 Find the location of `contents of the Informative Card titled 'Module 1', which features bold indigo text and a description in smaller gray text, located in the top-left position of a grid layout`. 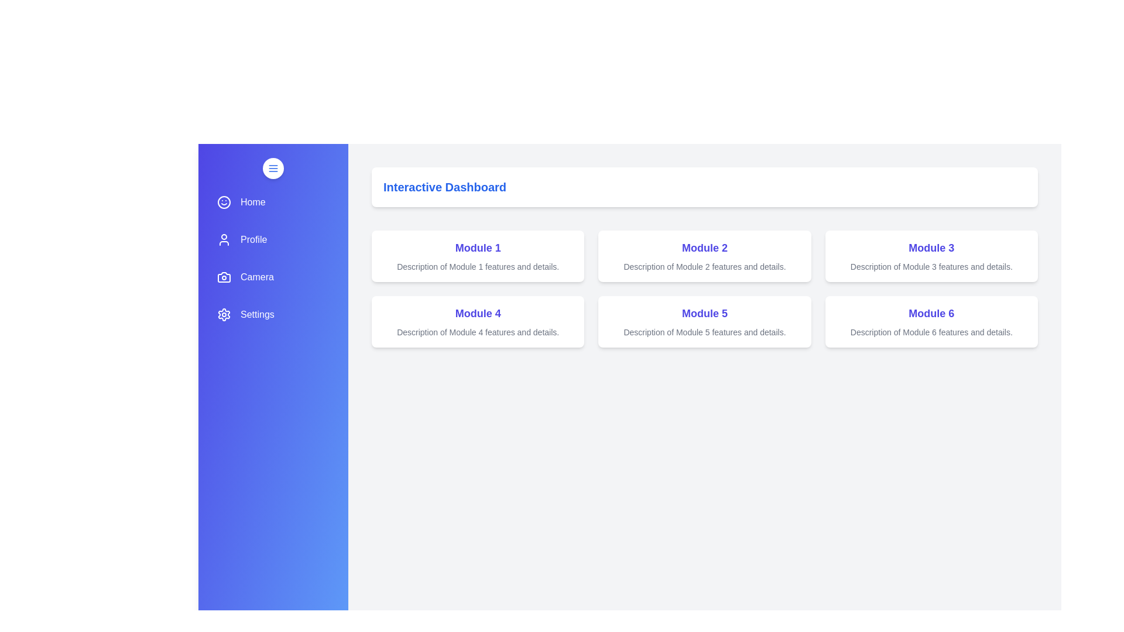

contents of the Informative Card titled 'Module 1', which features bold indigo text and a description in smaller gray text, located in the top-left position of a grid layout is located at coordinates (478, 256).